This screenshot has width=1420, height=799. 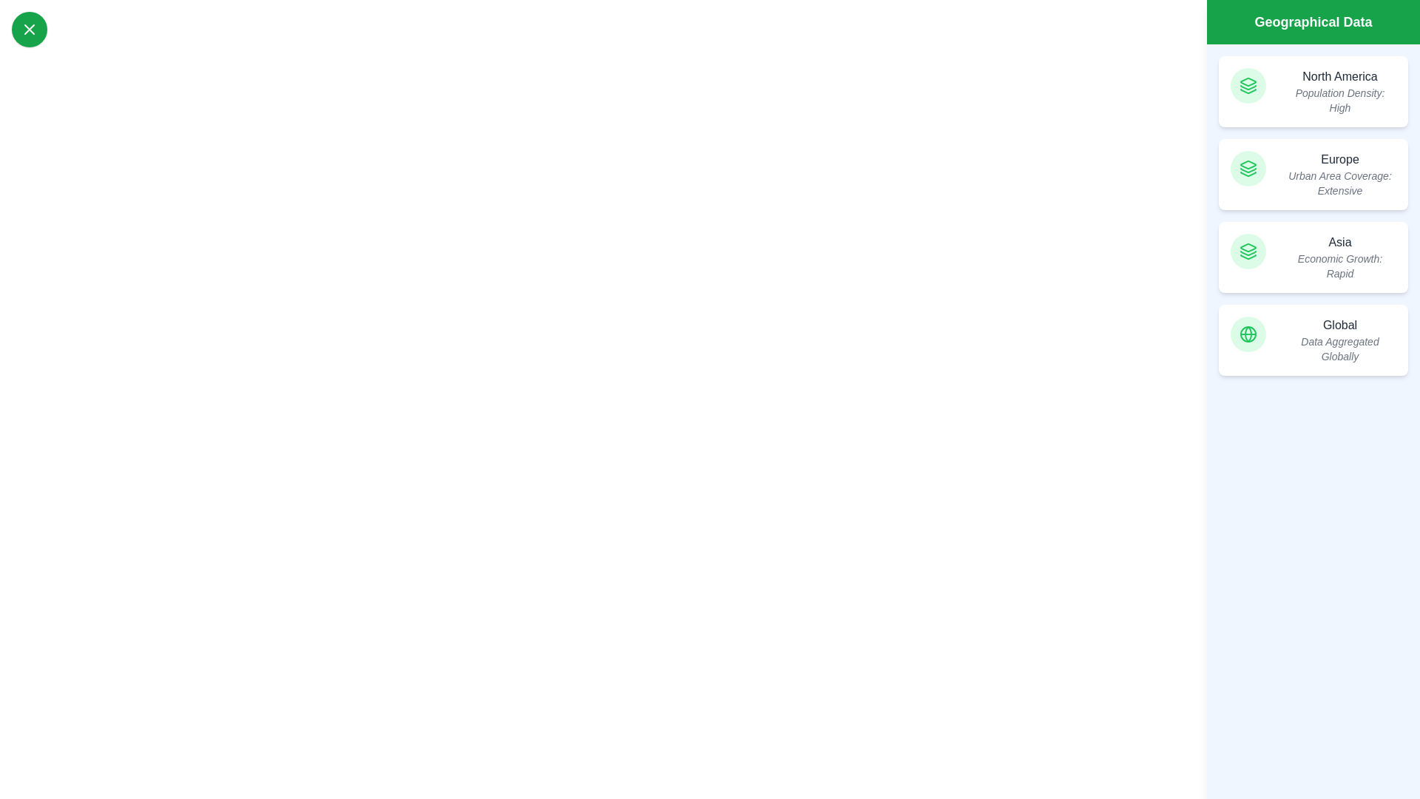 What do you see at coordinates (1313, 256) in the screenshot?
I see `the region Asia from the list` at bounding box center [1313, 256].